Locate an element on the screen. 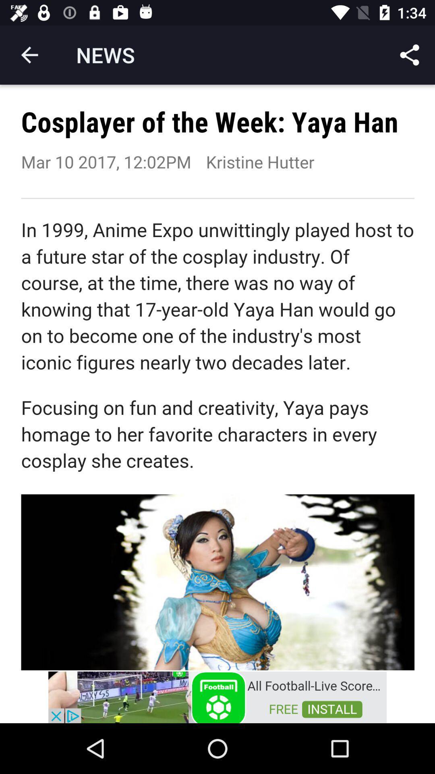 Image resolution: width=435 pixels, height=774 pixels. article in middle is located at coordinates (217, 377).